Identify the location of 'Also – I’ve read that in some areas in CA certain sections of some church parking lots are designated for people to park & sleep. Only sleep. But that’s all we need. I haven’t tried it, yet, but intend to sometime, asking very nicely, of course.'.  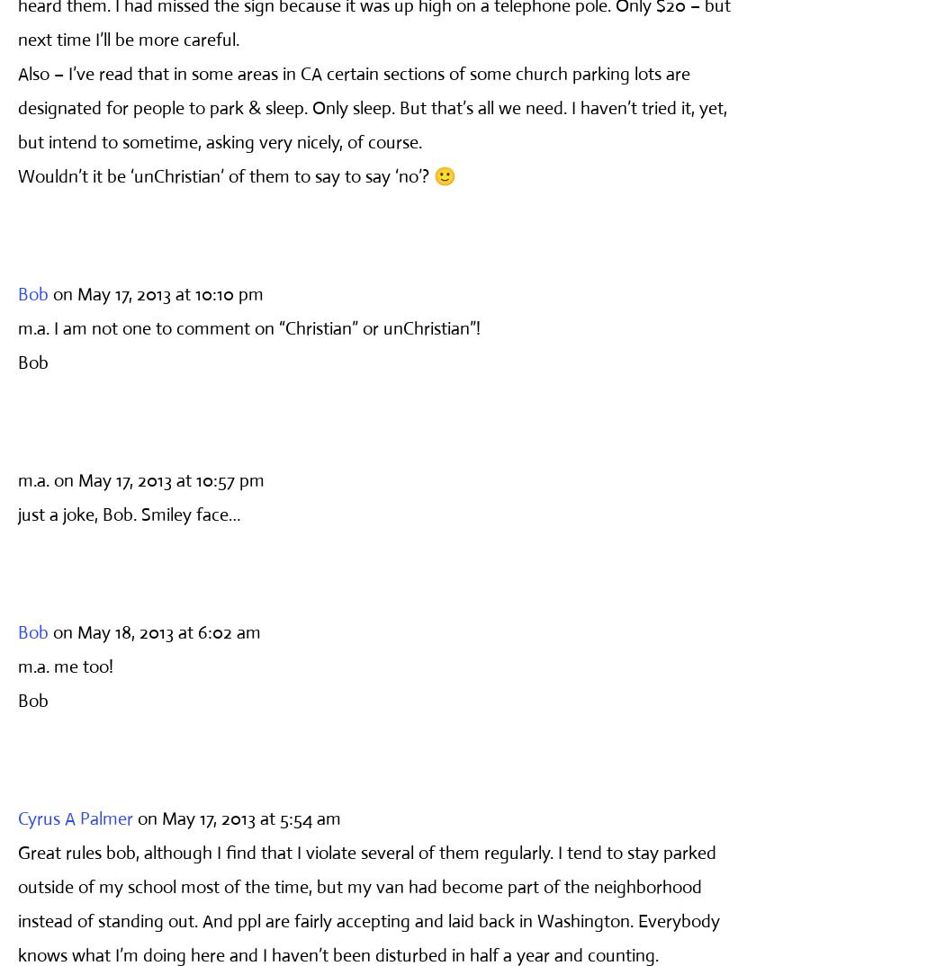
(372, 106).